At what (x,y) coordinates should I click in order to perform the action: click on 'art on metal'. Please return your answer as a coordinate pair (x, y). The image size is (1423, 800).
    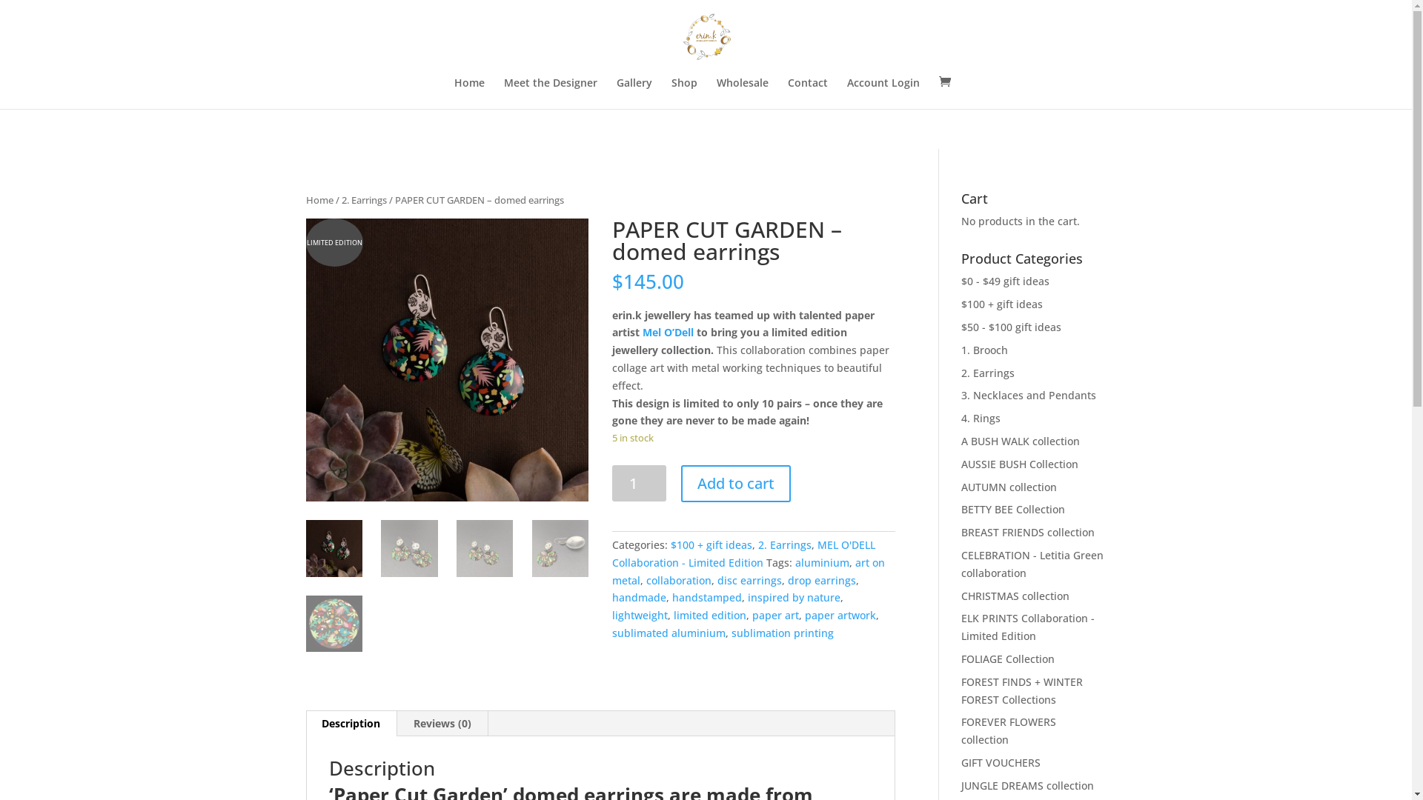
    Looking at the image, I should click on (611, 570).